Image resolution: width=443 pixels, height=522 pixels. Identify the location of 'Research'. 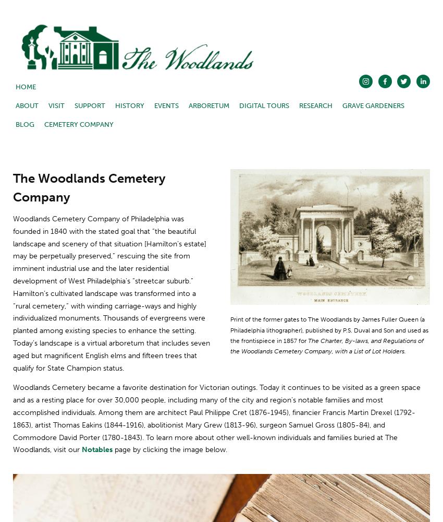
(315, 105).